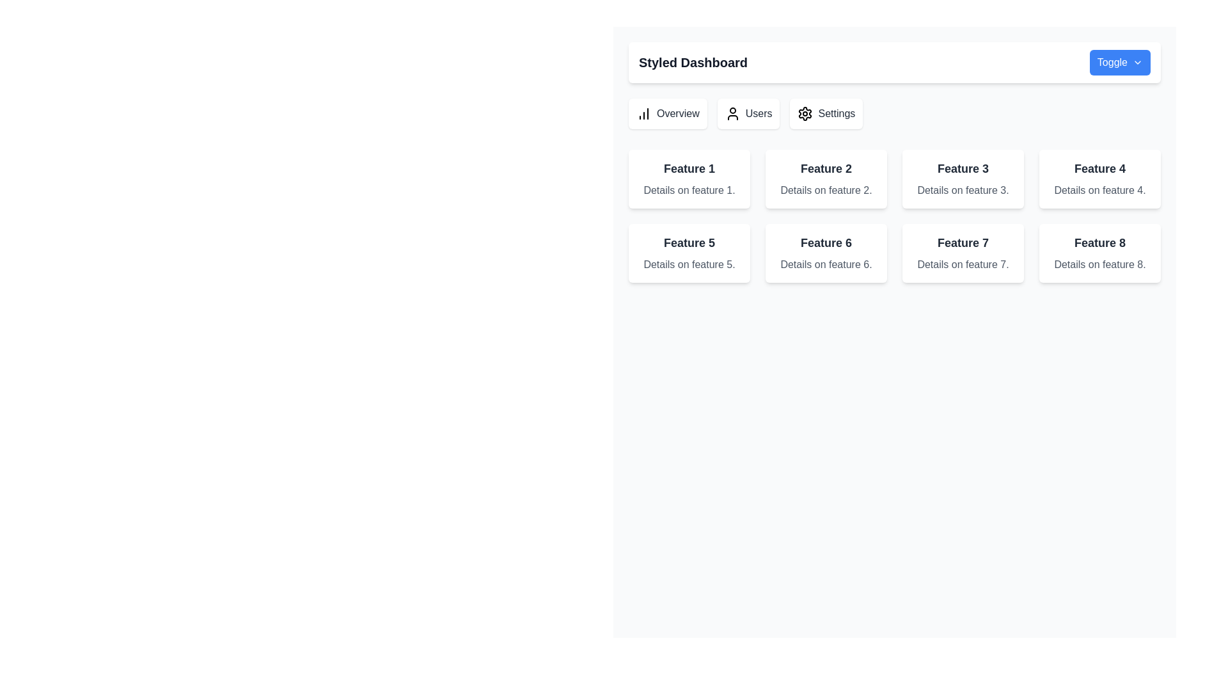  What do you see at coordinates (689, 168) in the screenshot?
I see `text from the Text Label that serves as a title for the feature block, located centrally above the descriptive text 'Details on feature 1'` at bounding box center [689, 168].